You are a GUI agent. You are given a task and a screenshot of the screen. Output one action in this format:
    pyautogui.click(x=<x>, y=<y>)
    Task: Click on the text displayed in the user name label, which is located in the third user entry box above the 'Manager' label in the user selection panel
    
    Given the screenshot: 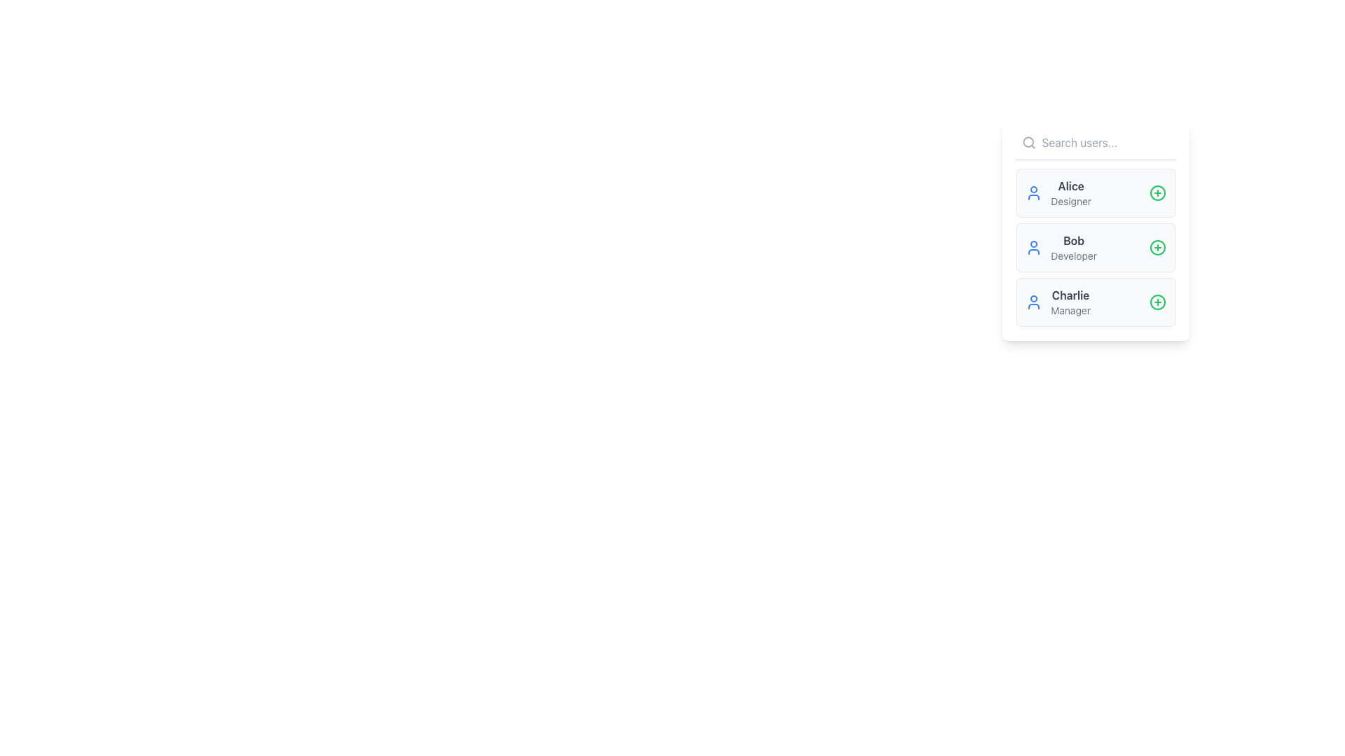 What is the action you would take?
    pyautogui.click(x=1070, y=294)
    